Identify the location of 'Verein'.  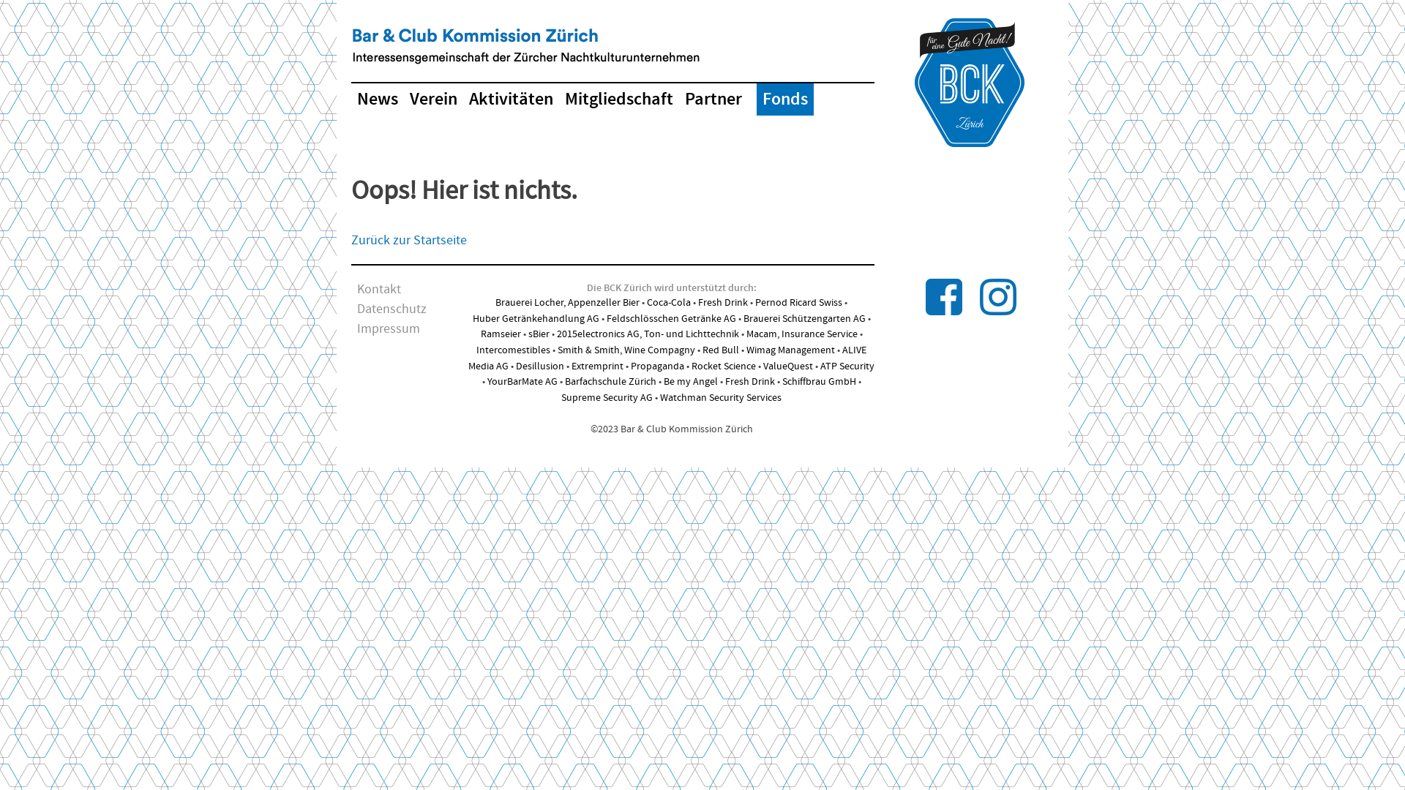
(432, 99).